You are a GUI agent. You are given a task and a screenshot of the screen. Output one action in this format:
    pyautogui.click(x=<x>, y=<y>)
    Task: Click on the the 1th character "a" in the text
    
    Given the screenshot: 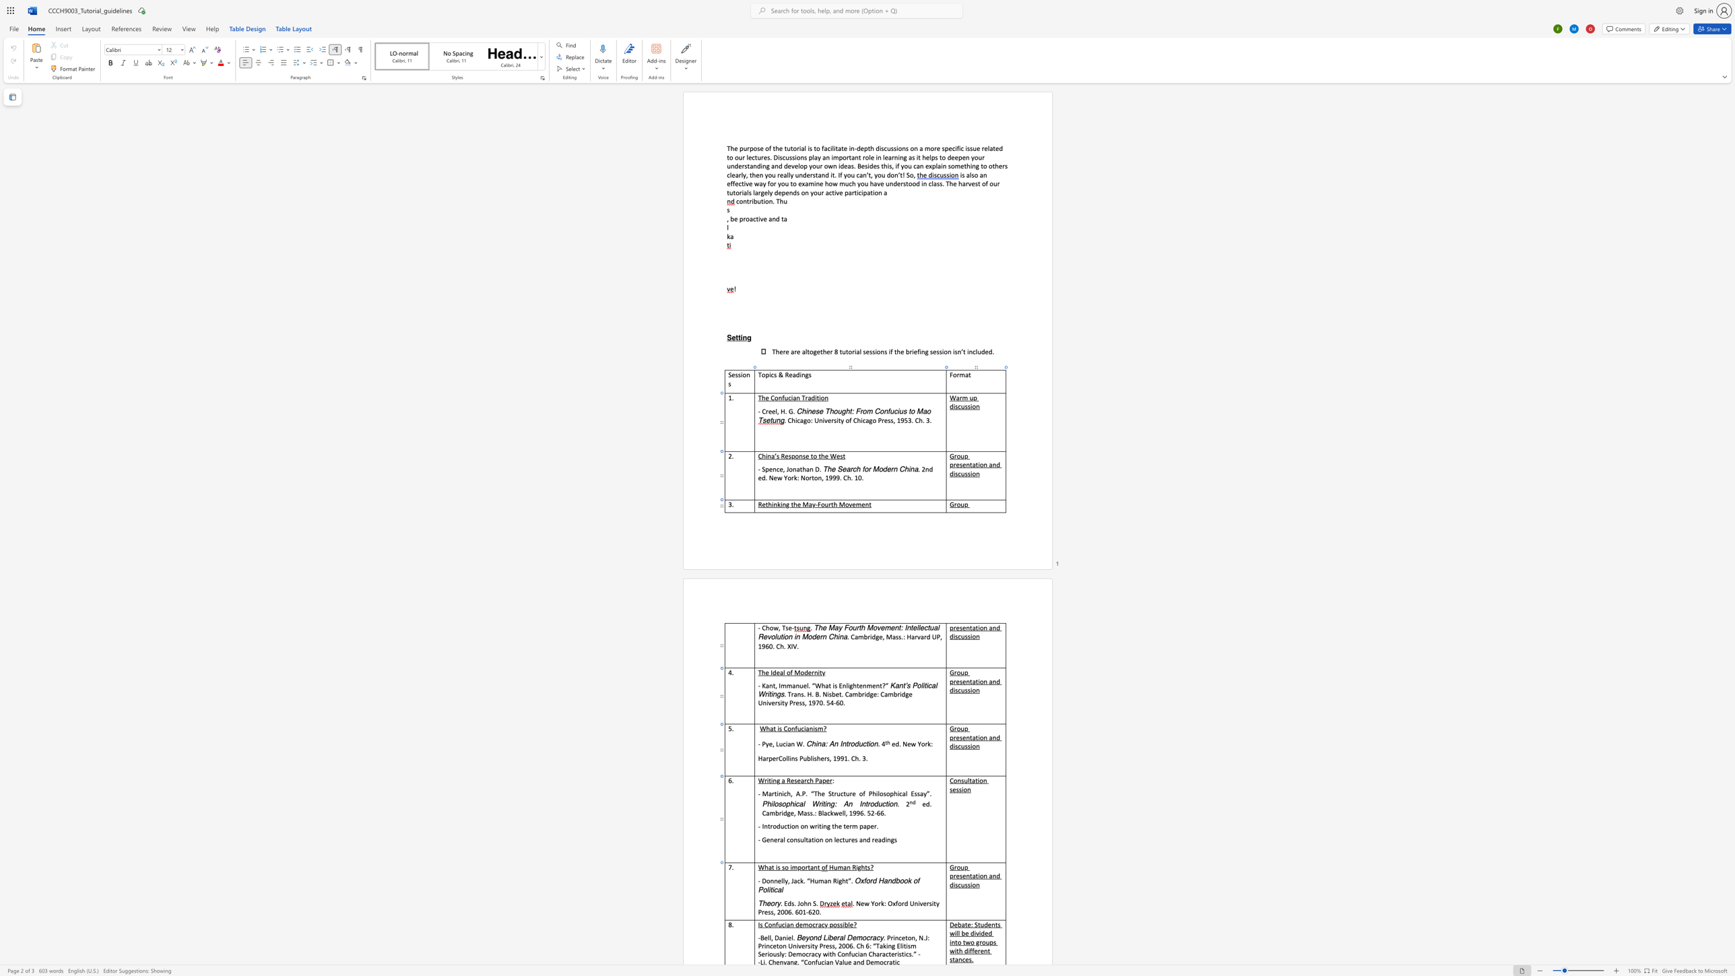 What is the action you would take?
    pyautogui.click(x=763, y=758)
    